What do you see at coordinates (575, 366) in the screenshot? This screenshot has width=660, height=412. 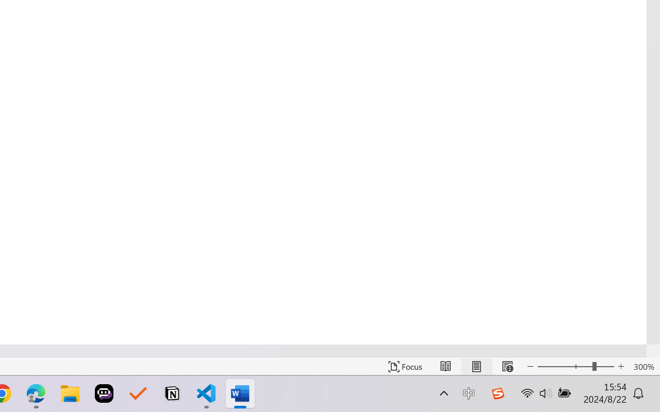 I see `'Zoom'` at bounding box center [575, 366].